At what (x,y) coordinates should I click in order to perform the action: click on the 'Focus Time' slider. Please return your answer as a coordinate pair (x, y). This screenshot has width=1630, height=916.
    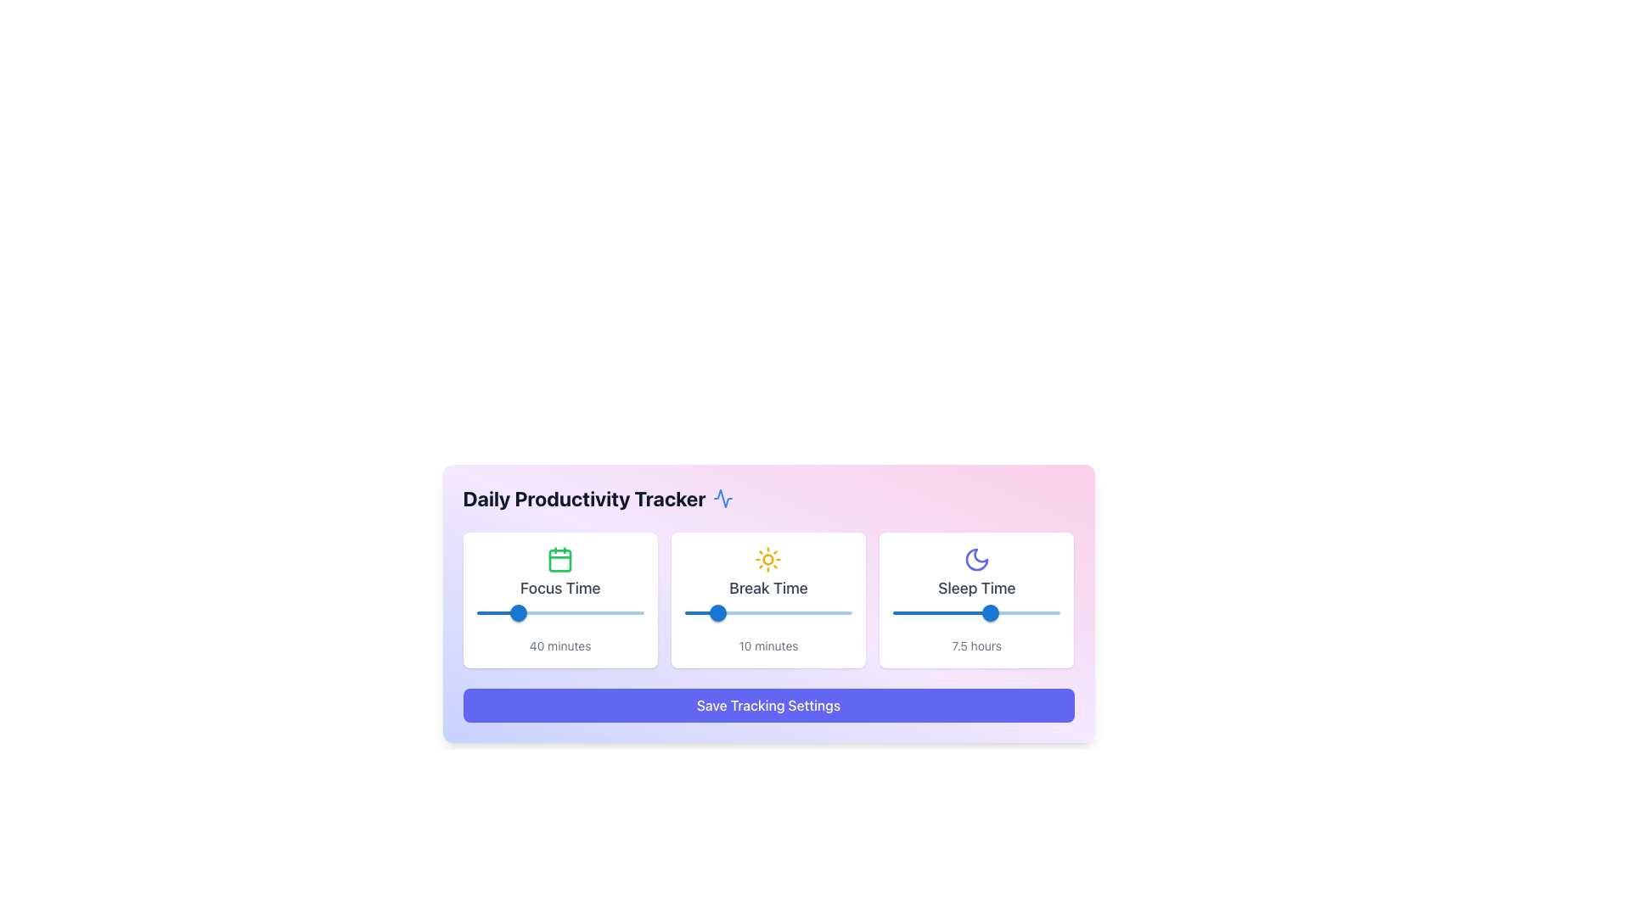
    Looking at the image, I should click on (562, 611).